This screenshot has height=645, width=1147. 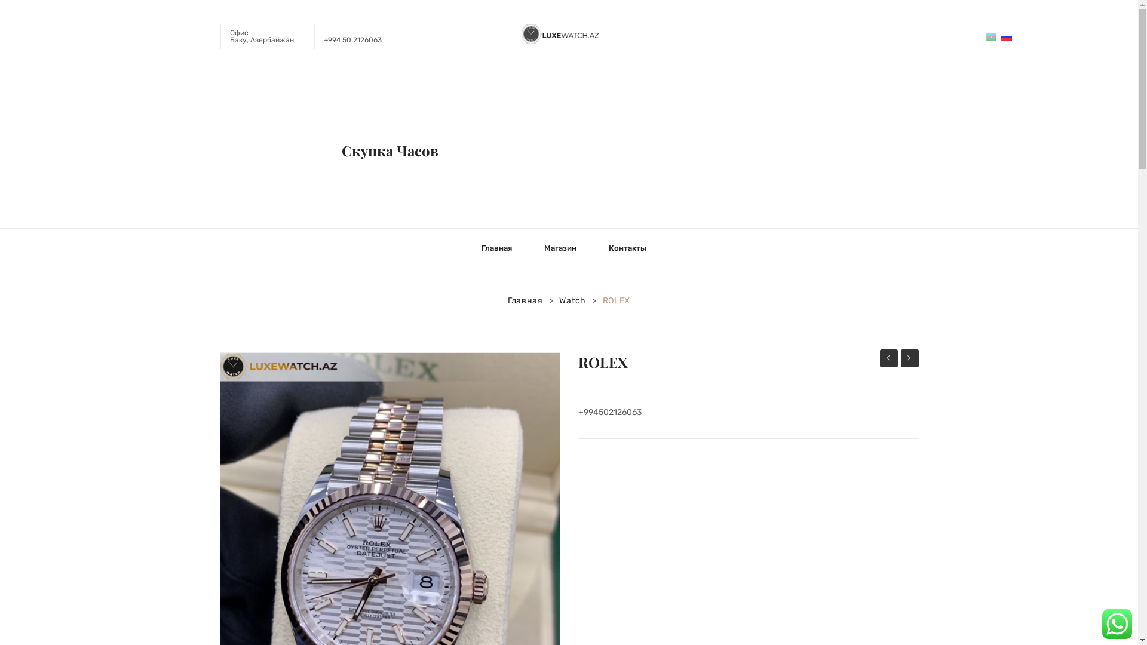 I want to click on 'PERRELET', so click(x=909, y=358).